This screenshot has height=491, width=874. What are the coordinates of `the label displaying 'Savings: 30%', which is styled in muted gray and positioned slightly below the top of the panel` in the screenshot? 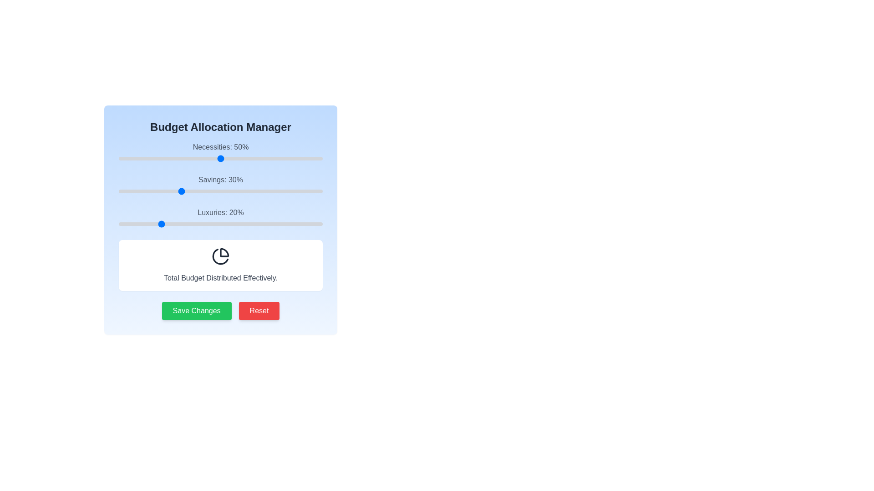 It's located at (220, 180).